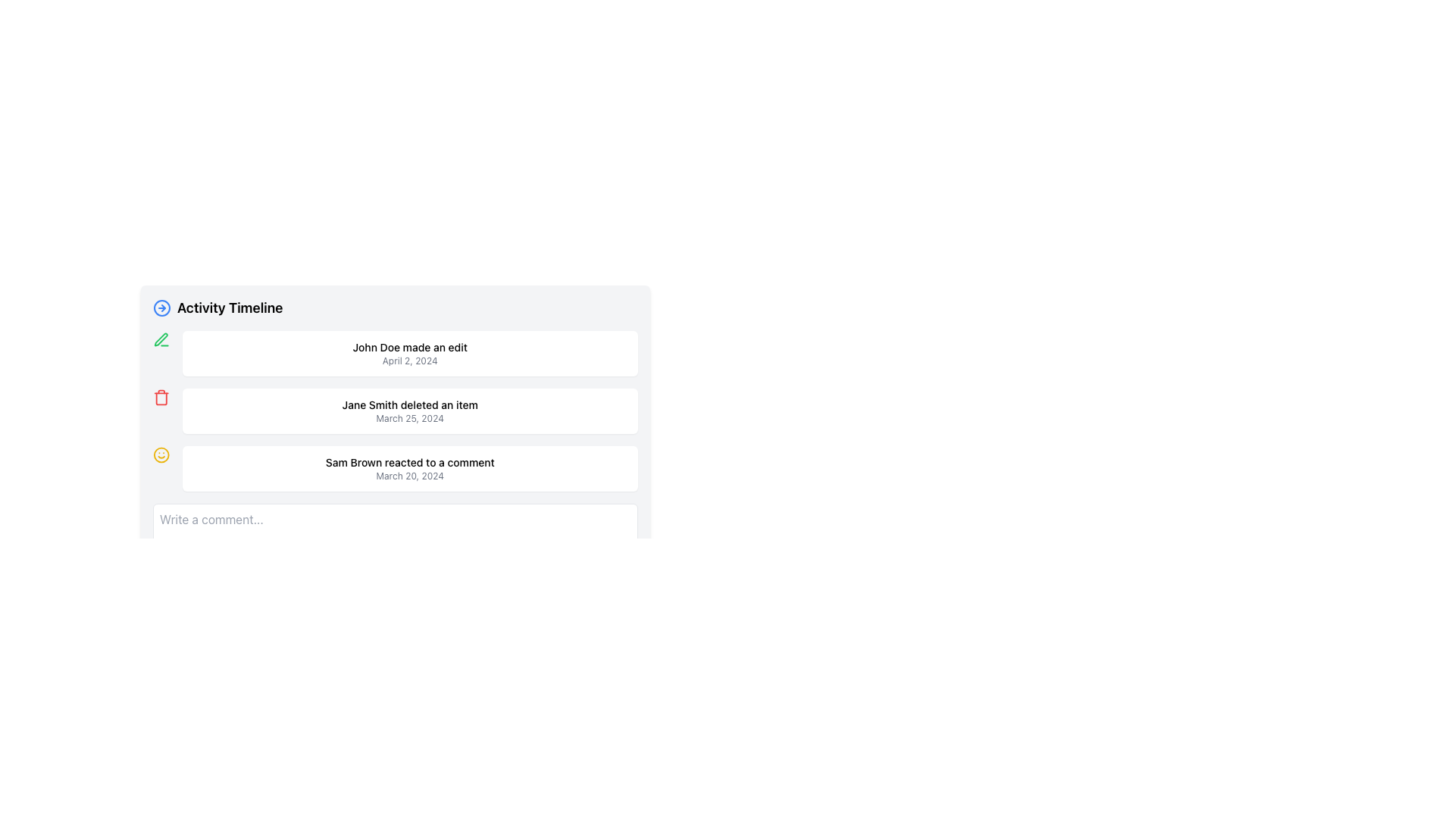 The width and height of the screenshot is (1455, 818). What do you see at coordinates (396, 467) in the screenshot?
I see `the third activity entry in the timeline view, which displays 'Sam Brown reacted to a comment' with a yellow smiley icon on the left` at bounding box center [396, 467].